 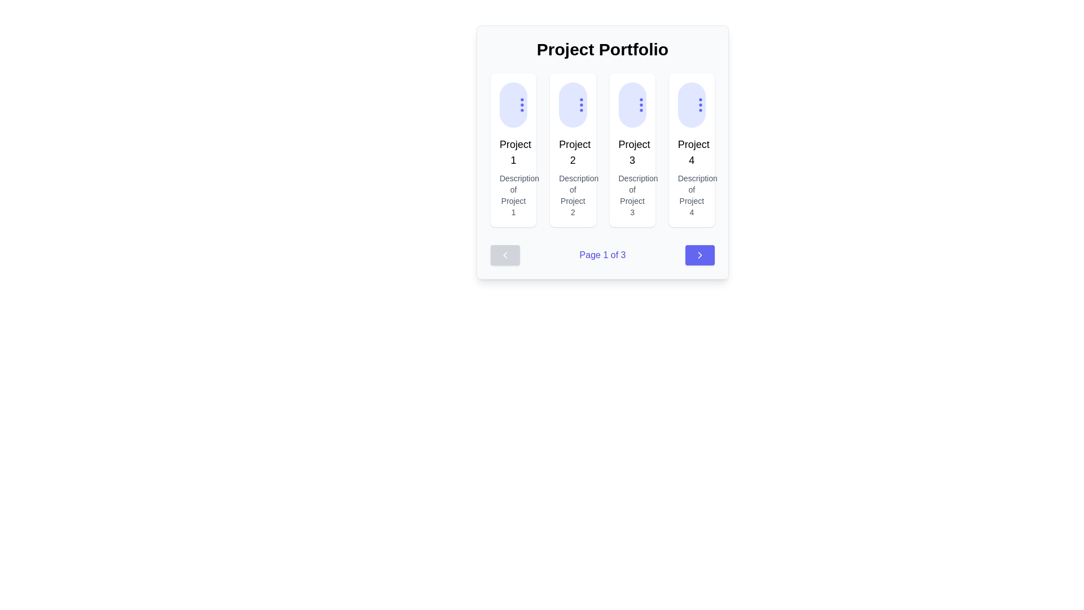 What do you see at coordinates (513, 150) in the screenshot?
I see `the 'Project 1' card in the project portfolio grid` at bounding box center [513, 150].